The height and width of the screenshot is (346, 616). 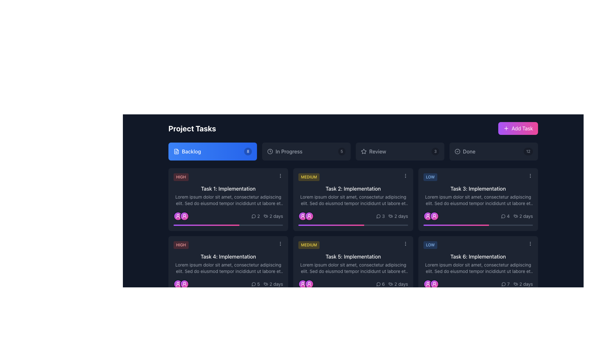 What do you see at coordinates (206, 225) in the screenshot?
I see `the progress value of the Progress indicator located below the 'Task 1: Implementation' card in the task grid` at bounding box center [206, 225].